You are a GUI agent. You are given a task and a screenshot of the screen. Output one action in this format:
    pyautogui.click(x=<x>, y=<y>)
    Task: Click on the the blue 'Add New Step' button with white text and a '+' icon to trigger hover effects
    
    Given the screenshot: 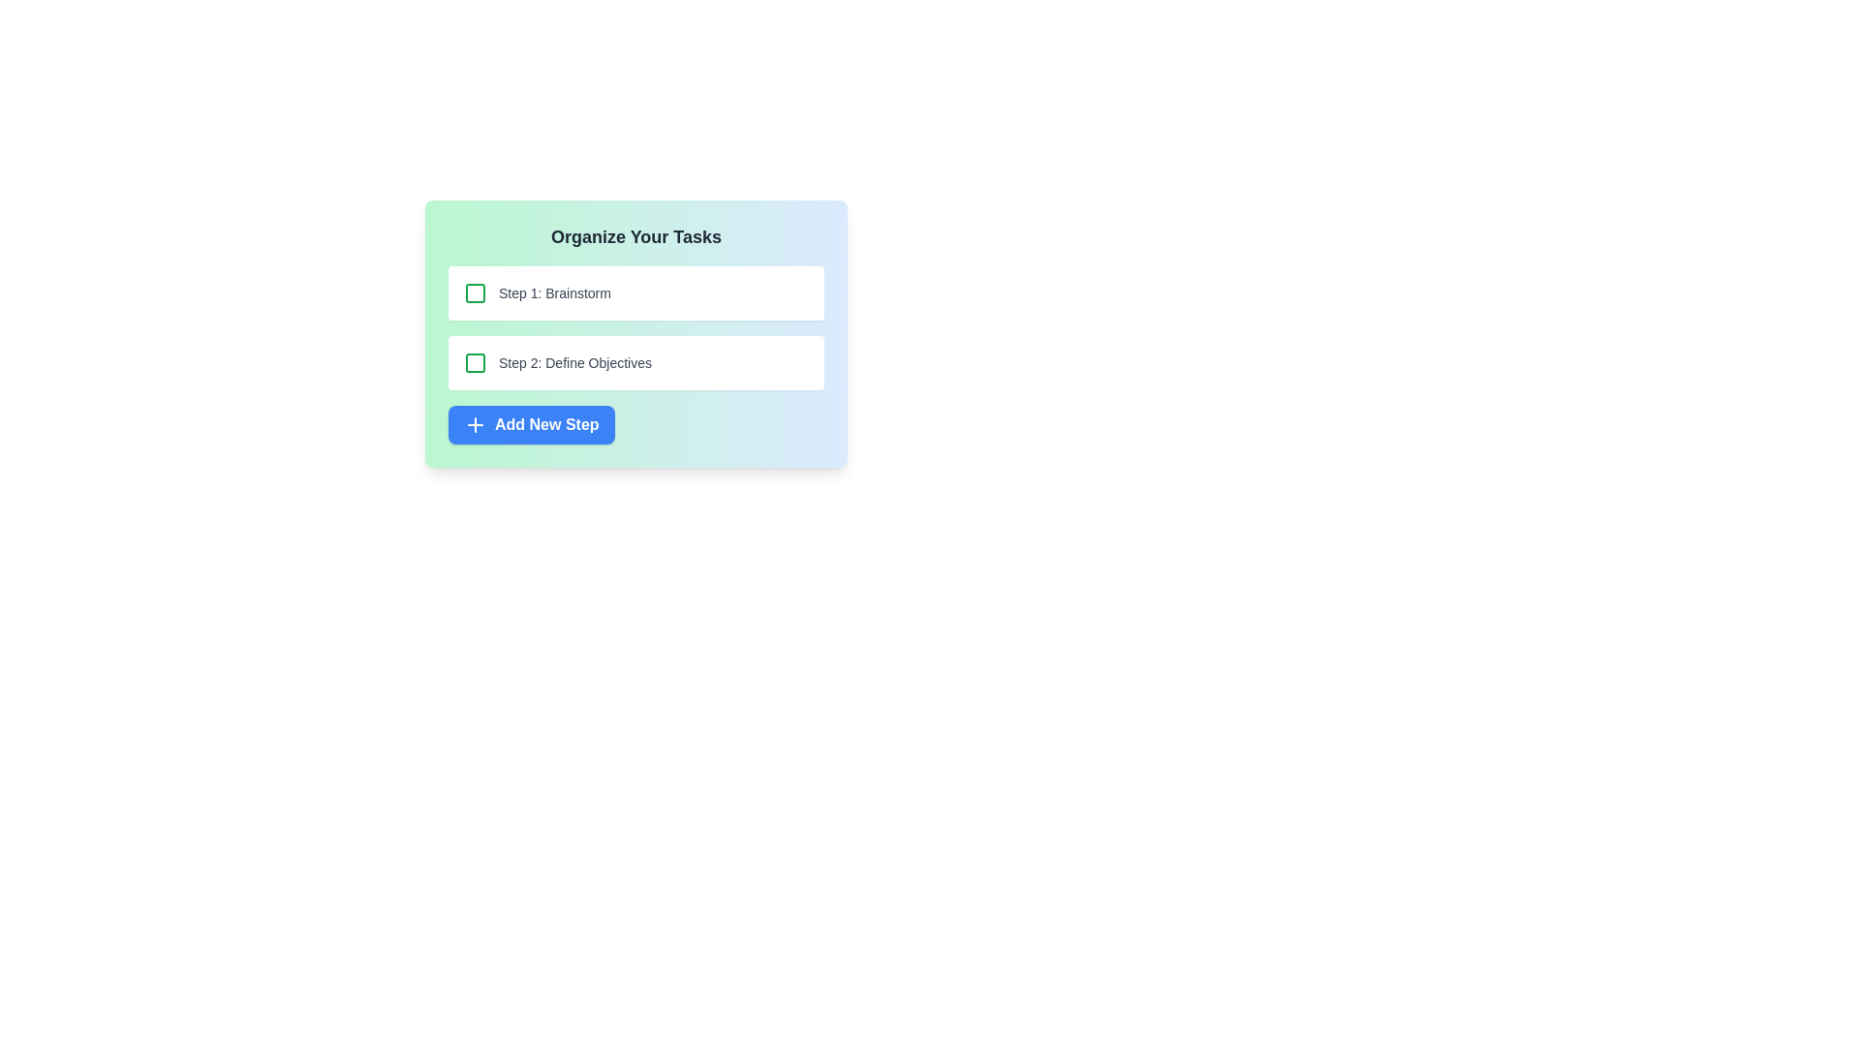 What is the action you would take?
    pyautogui.click(x=531, y=424)
    